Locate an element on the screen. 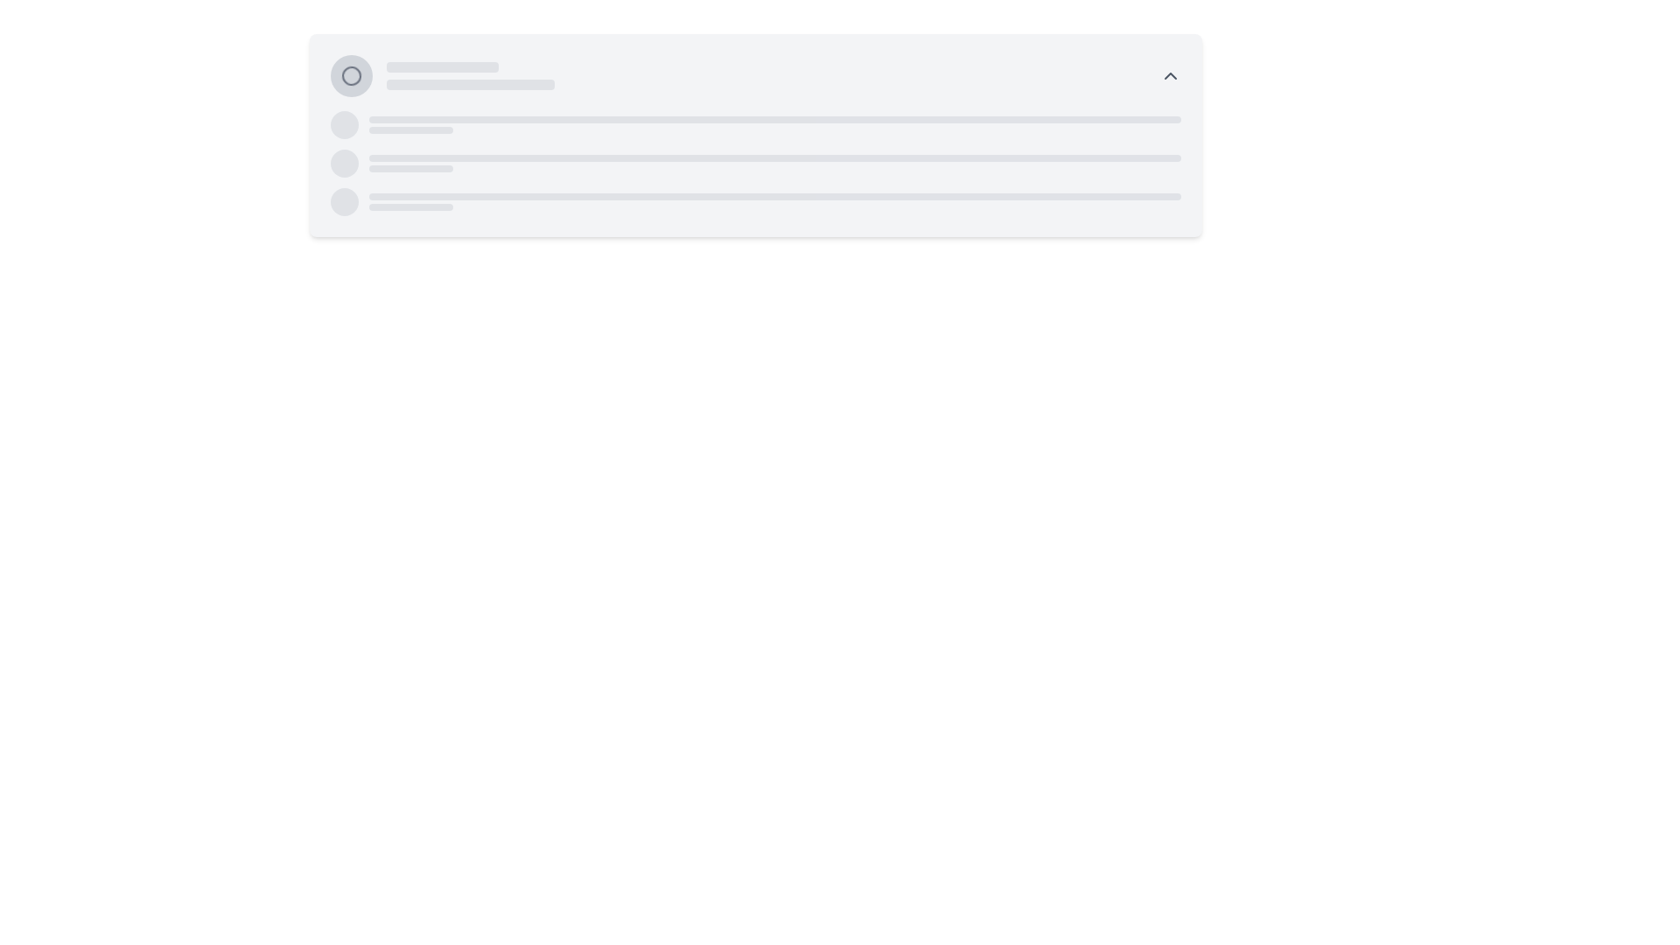 Image resolution: width=1680 pixels, height=945 pixels. the first Placeholder row in the vertical list, which consists of a circular gray placeholder on the left, an elongated rectangular bar in the center, and a smaller rectangular block below it, all with an animated pulse effect is located at coordinates (756, 123).